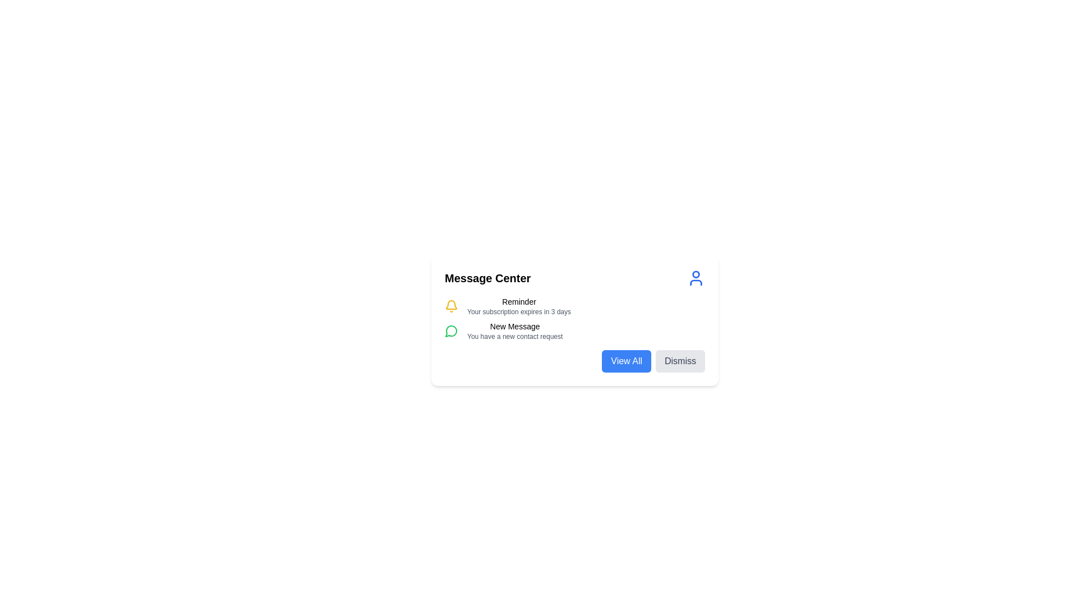 The image size is (1077, 606). I want to click on the circular speech bubble icon with a filled green border located to the left of the 'Message Center' text in the notification section, so click(451, 330).